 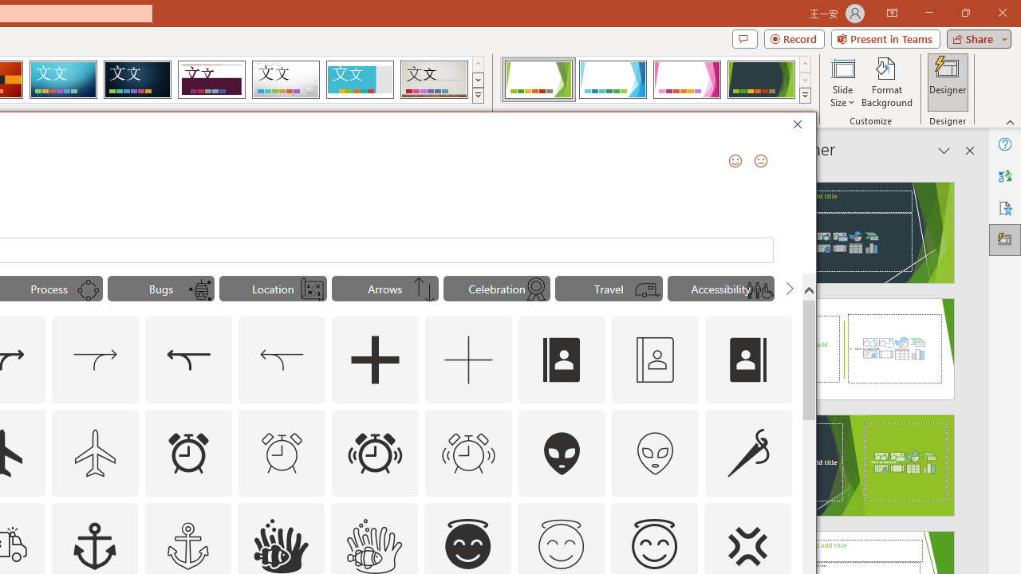 What do you see at coordinates (424, 290) in the screenshot?
I see `'AutomationID: Icons_Sort_M'` at bounding box center [424, 290].